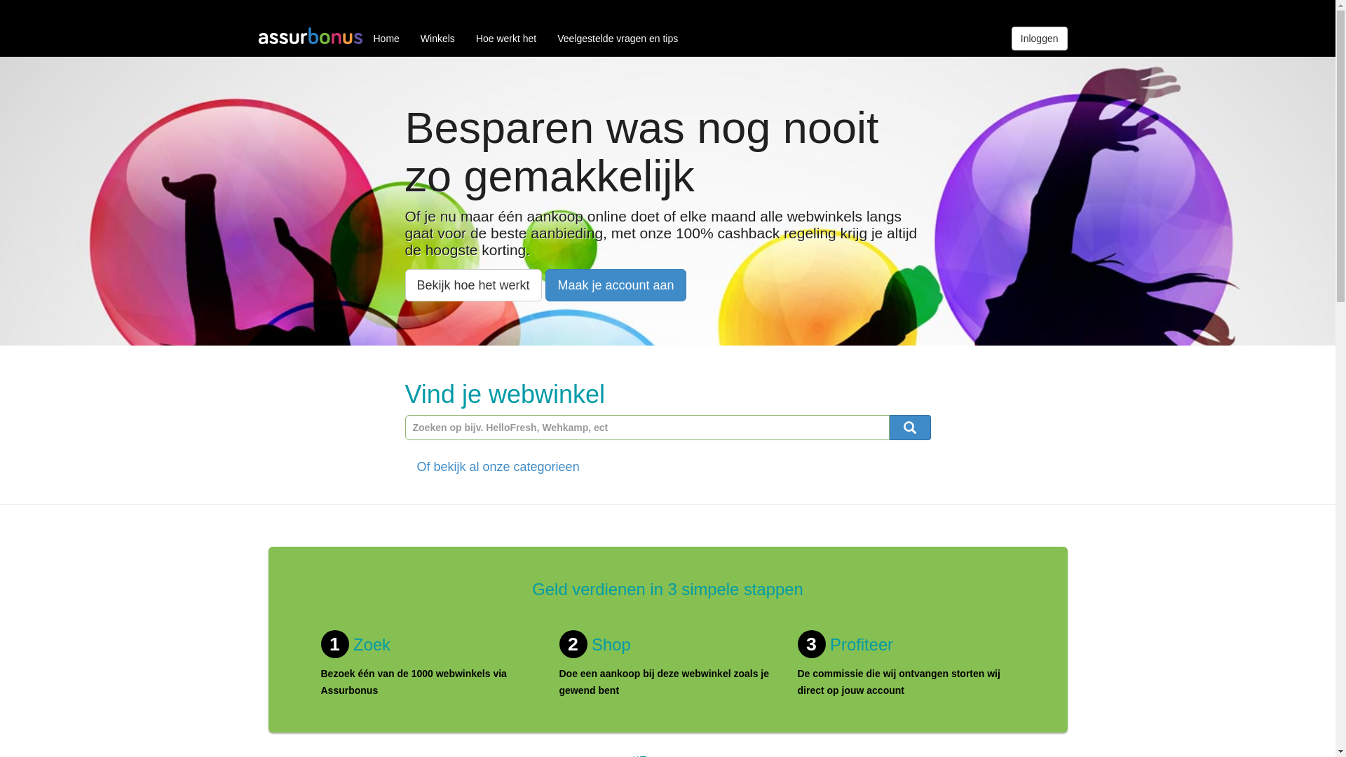  Describe the element at coordinates (437, 37) in the screenshot. I see `'Winkels'` at that location.